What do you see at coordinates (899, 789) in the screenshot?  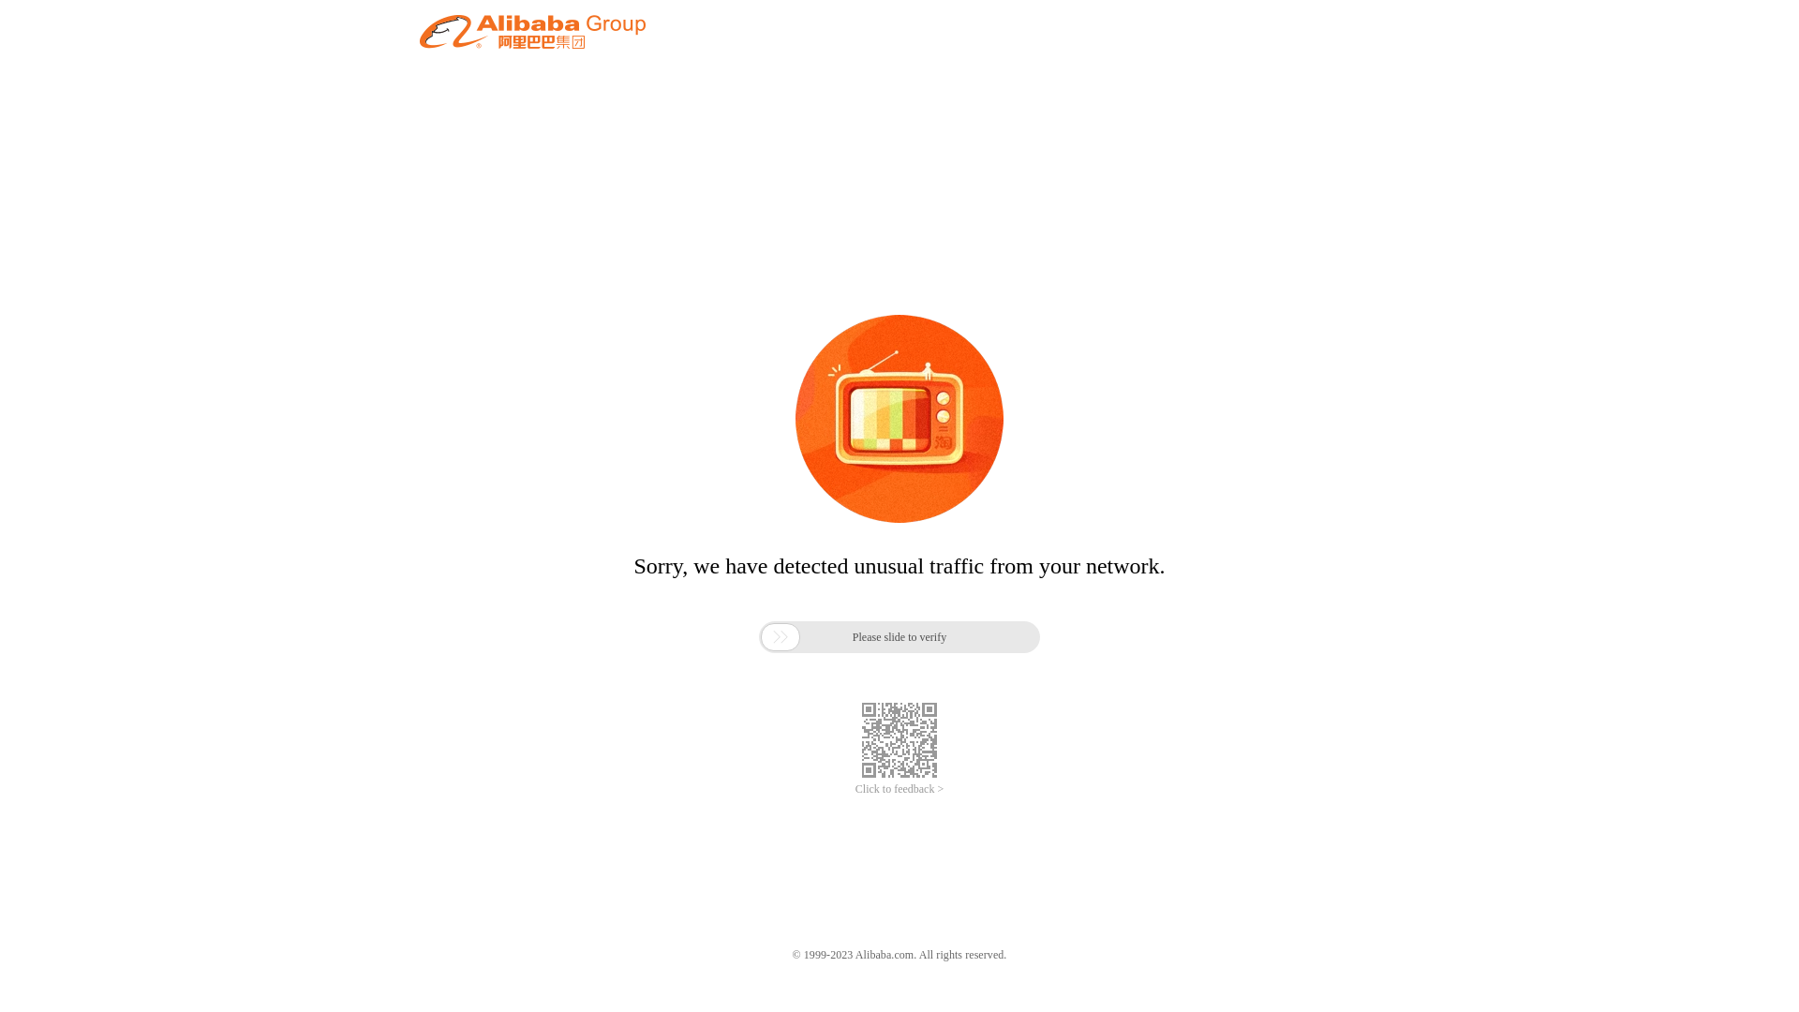 I see `'Click to feedback >'` at bounding box center [899, 789].